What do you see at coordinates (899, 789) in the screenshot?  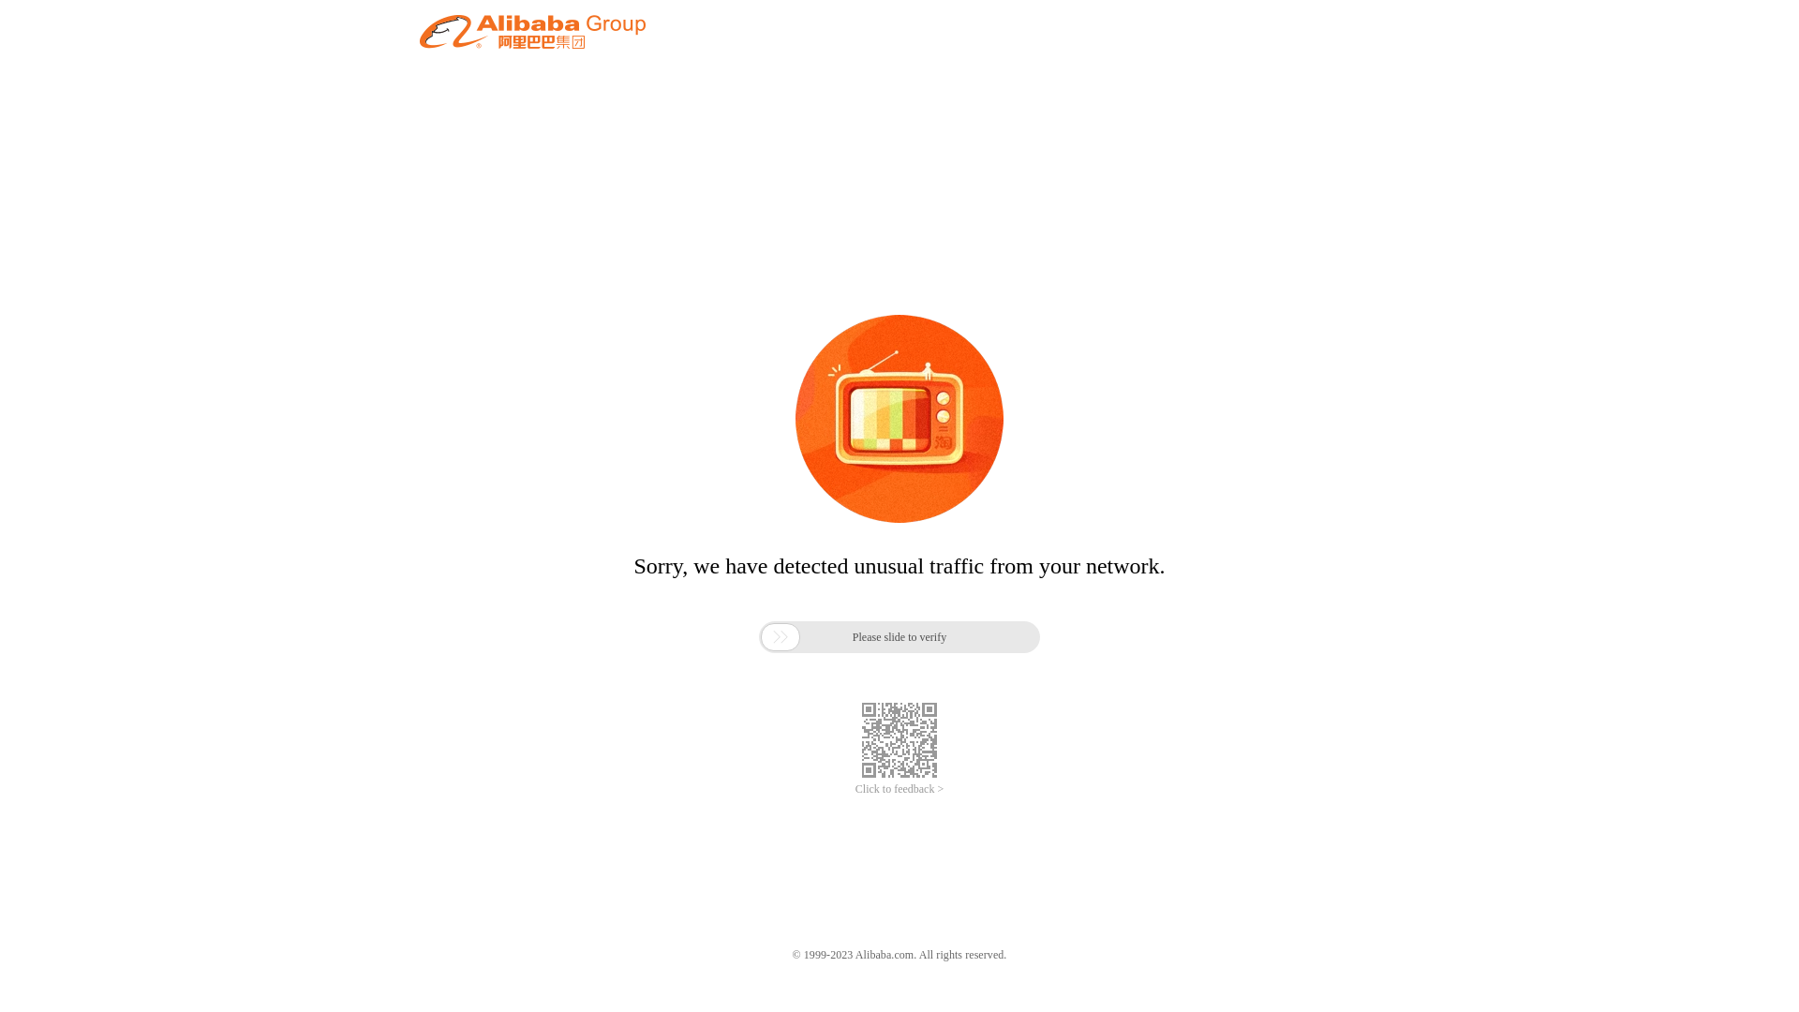 I see `'Click to feedback >'` at bounding box center [899, 789].